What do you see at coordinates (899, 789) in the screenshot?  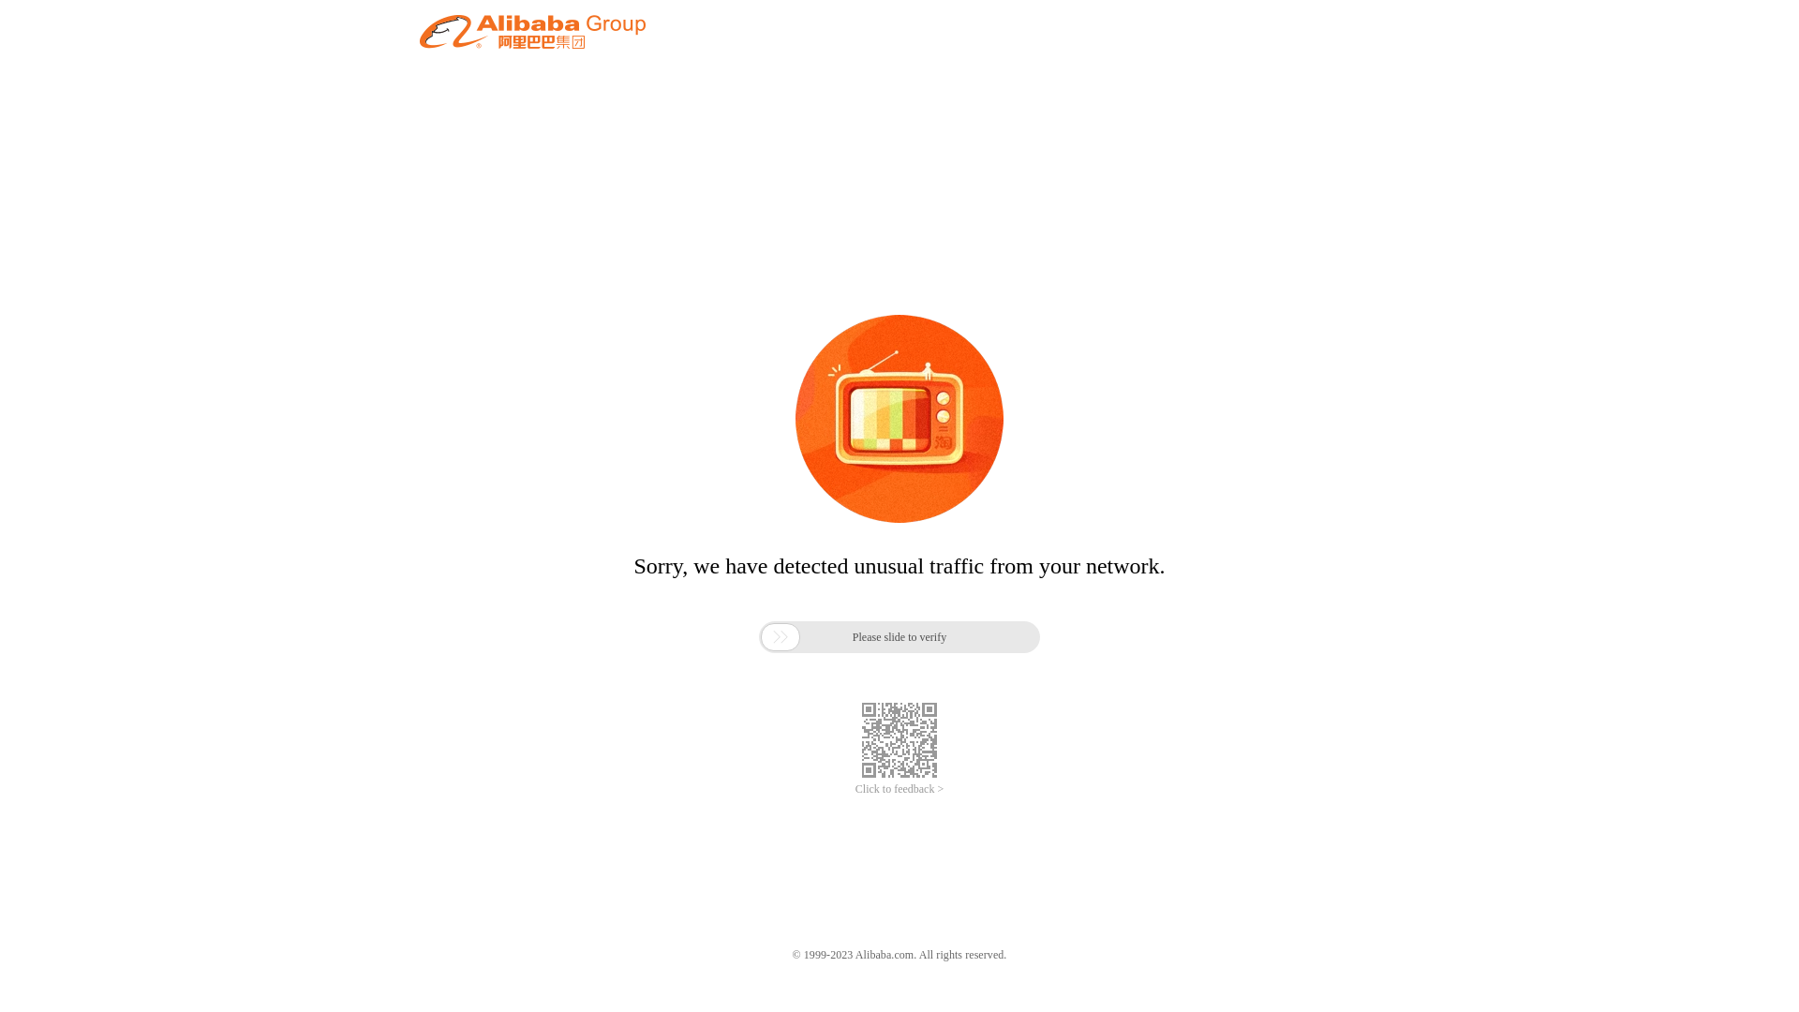 I see `'Click to feedback >'` at bounding box center [899, 789].